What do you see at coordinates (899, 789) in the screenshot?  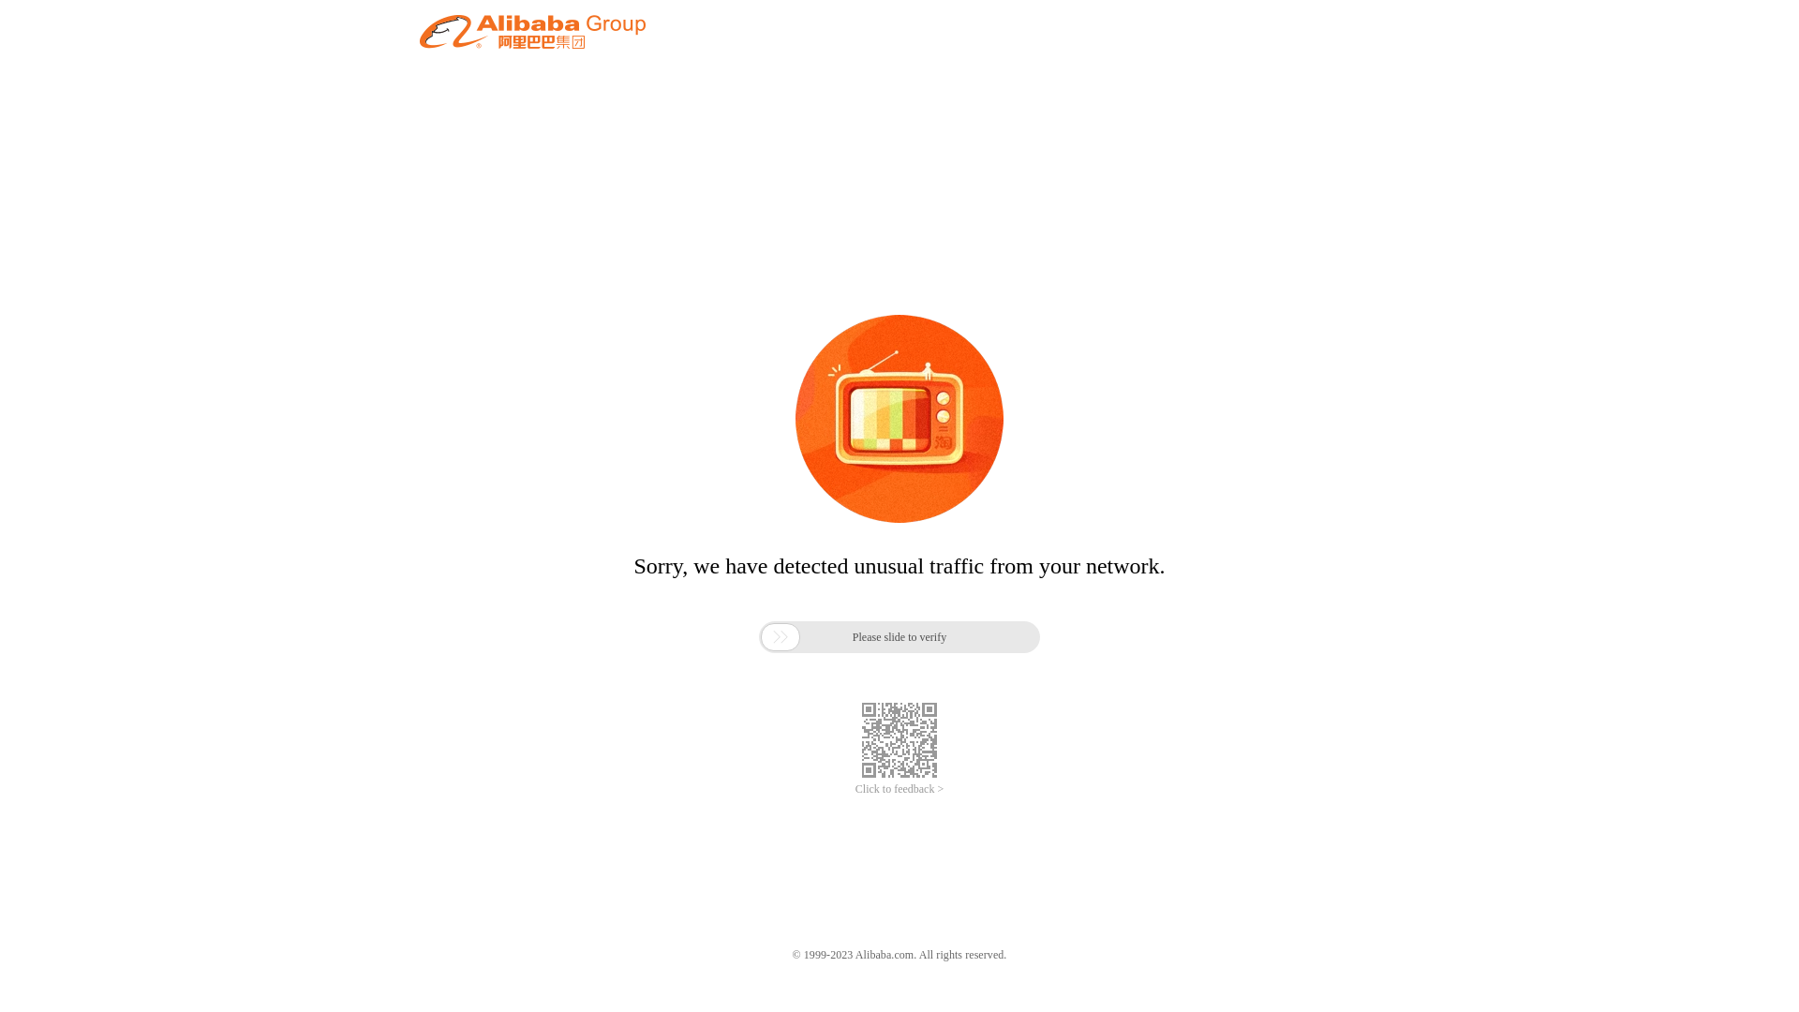 I see `'Click to feedback >'` at bounding box center [899, 789].